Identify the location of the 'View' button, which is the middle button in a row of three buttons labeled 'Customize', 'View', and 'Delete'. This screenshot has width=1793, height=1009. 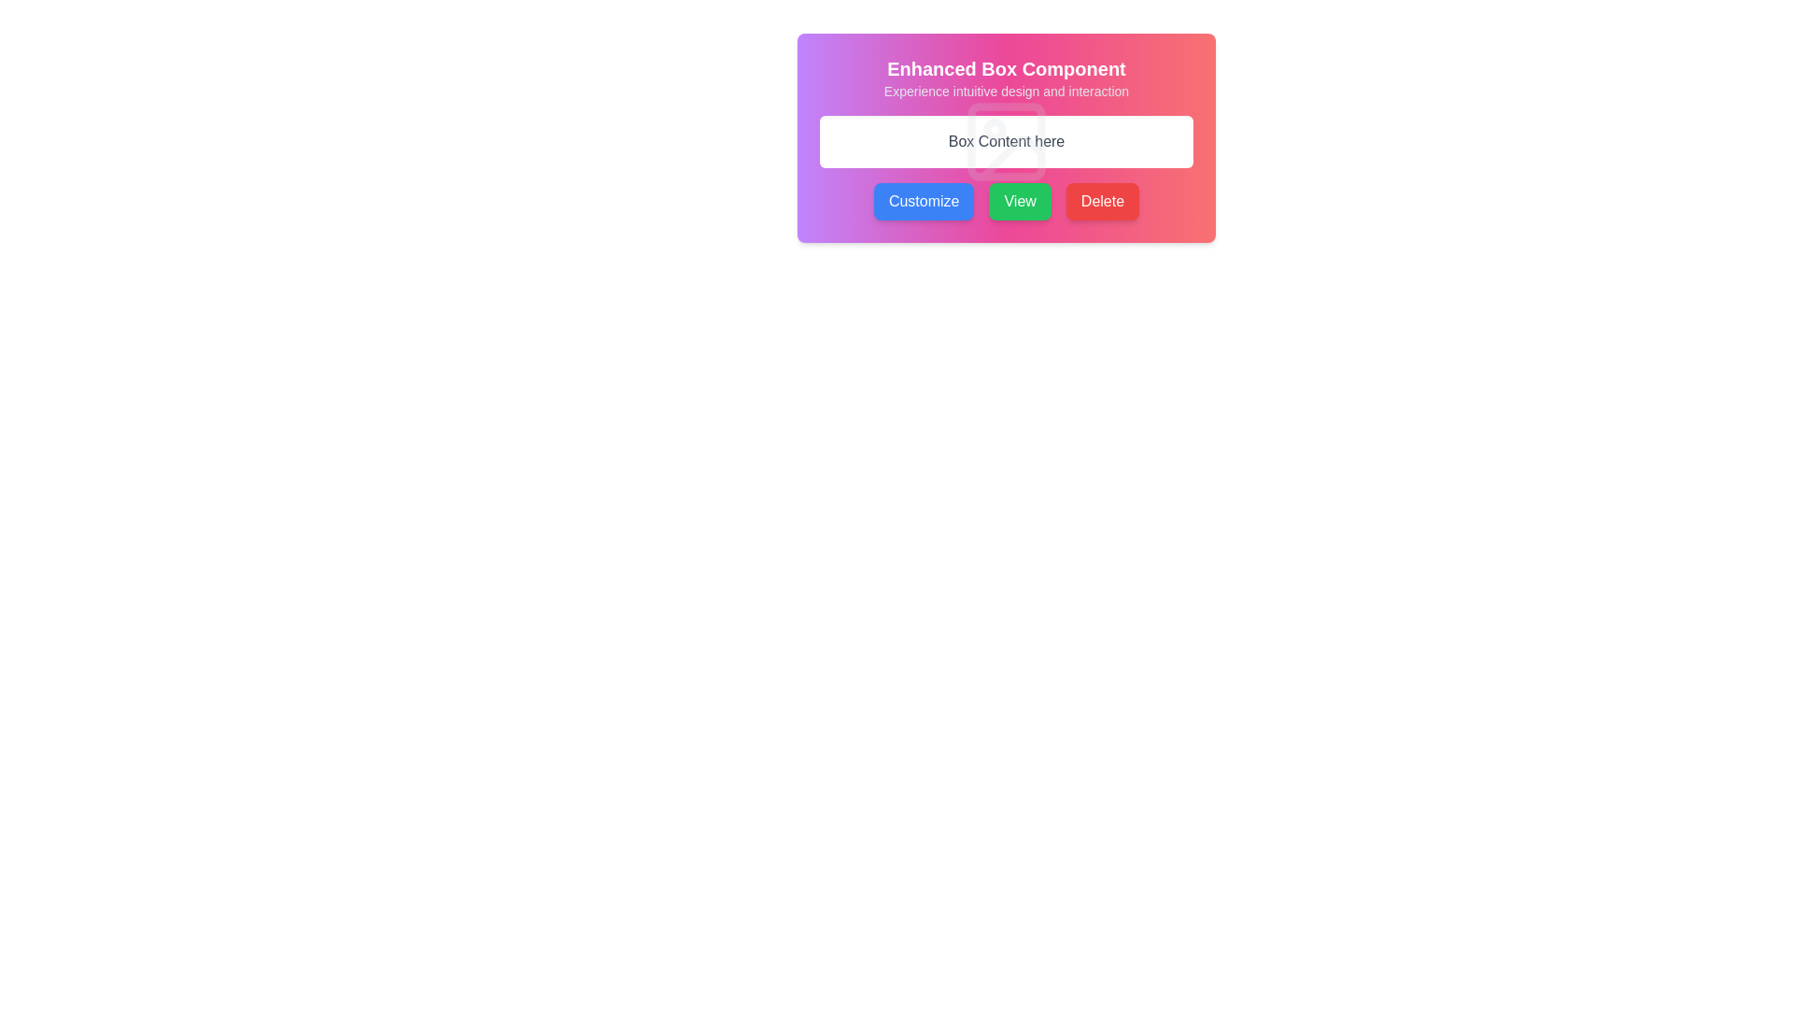
(1019, 202).